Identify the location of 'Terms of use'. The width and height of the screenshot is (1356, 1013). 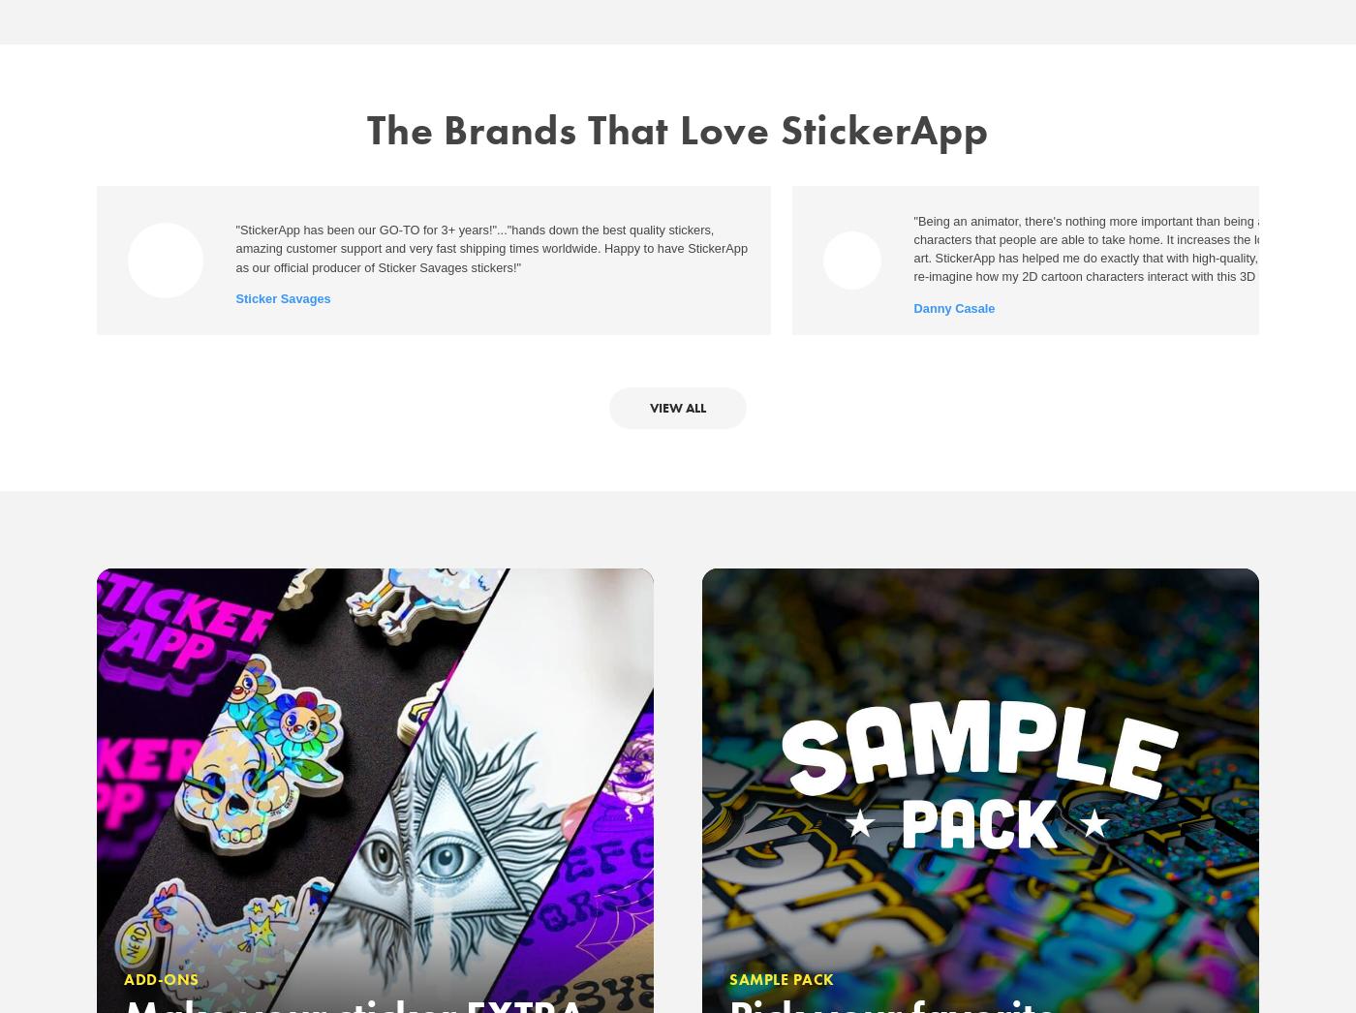
(558, 393).